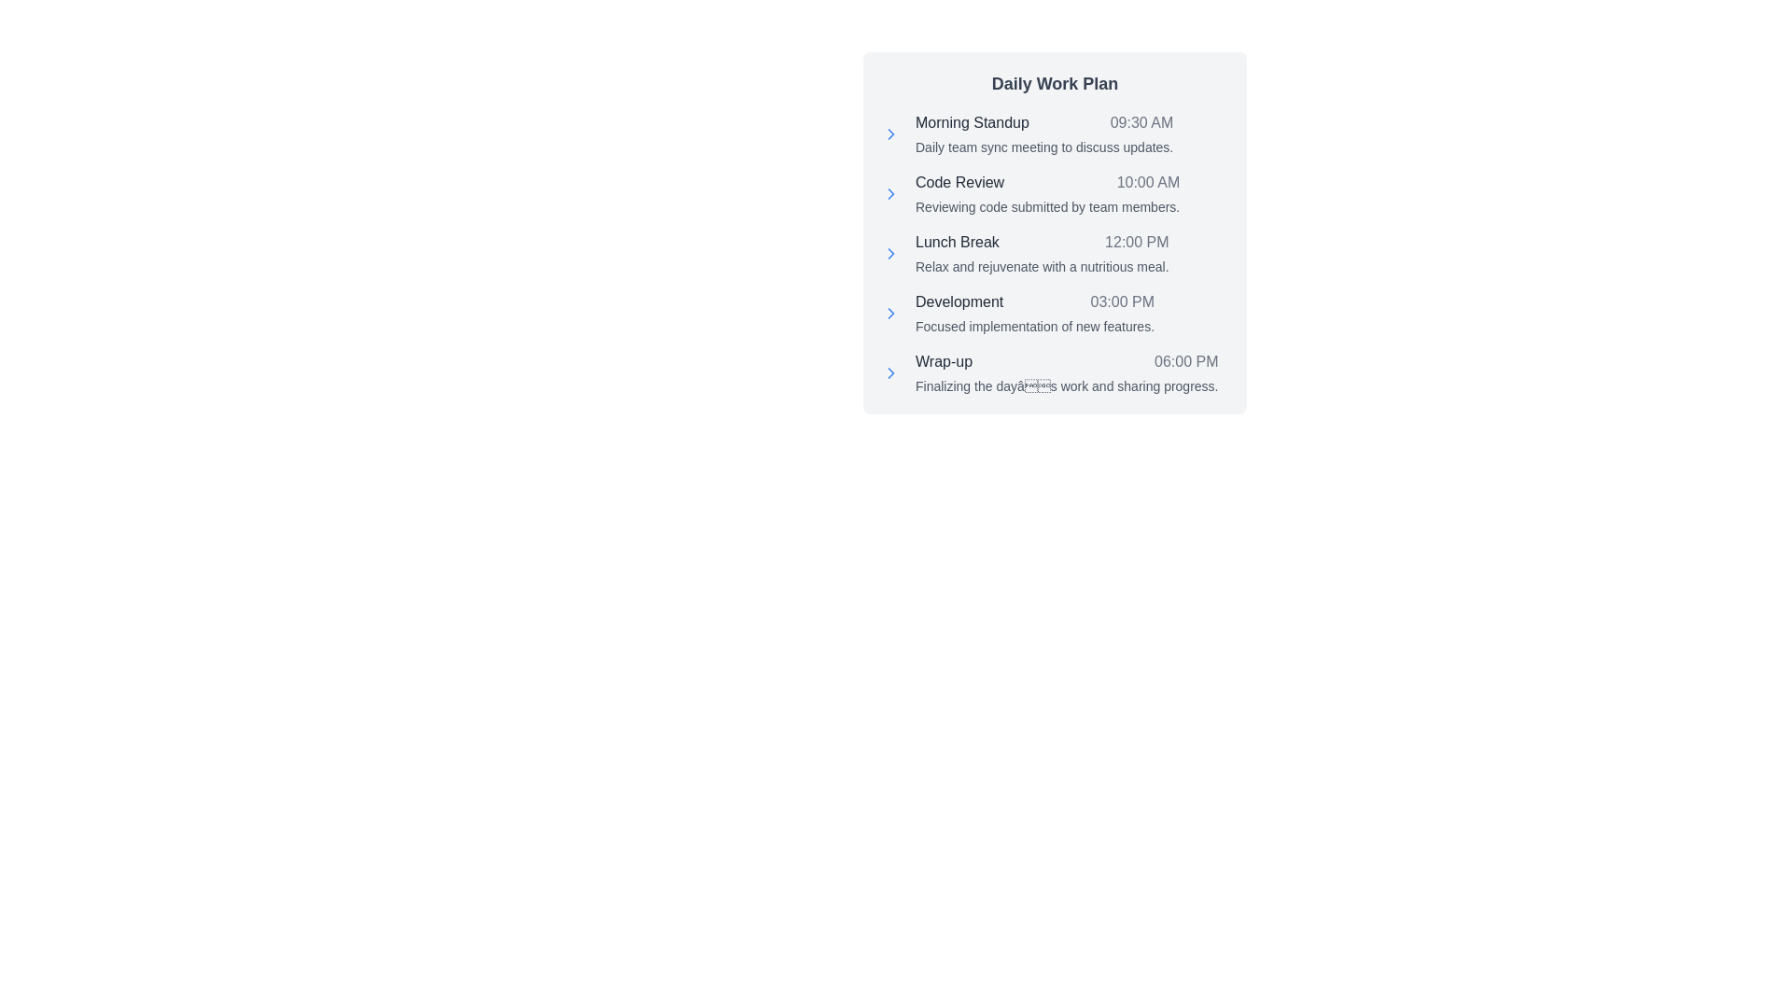 This screenshot has height=1008, width=1792. I want to click on agenda item titled 'Code Review', which is the second item in the list under 'Daily Work Plan', featuring a prominent title, timestamp, and description, so click(1055, 194).